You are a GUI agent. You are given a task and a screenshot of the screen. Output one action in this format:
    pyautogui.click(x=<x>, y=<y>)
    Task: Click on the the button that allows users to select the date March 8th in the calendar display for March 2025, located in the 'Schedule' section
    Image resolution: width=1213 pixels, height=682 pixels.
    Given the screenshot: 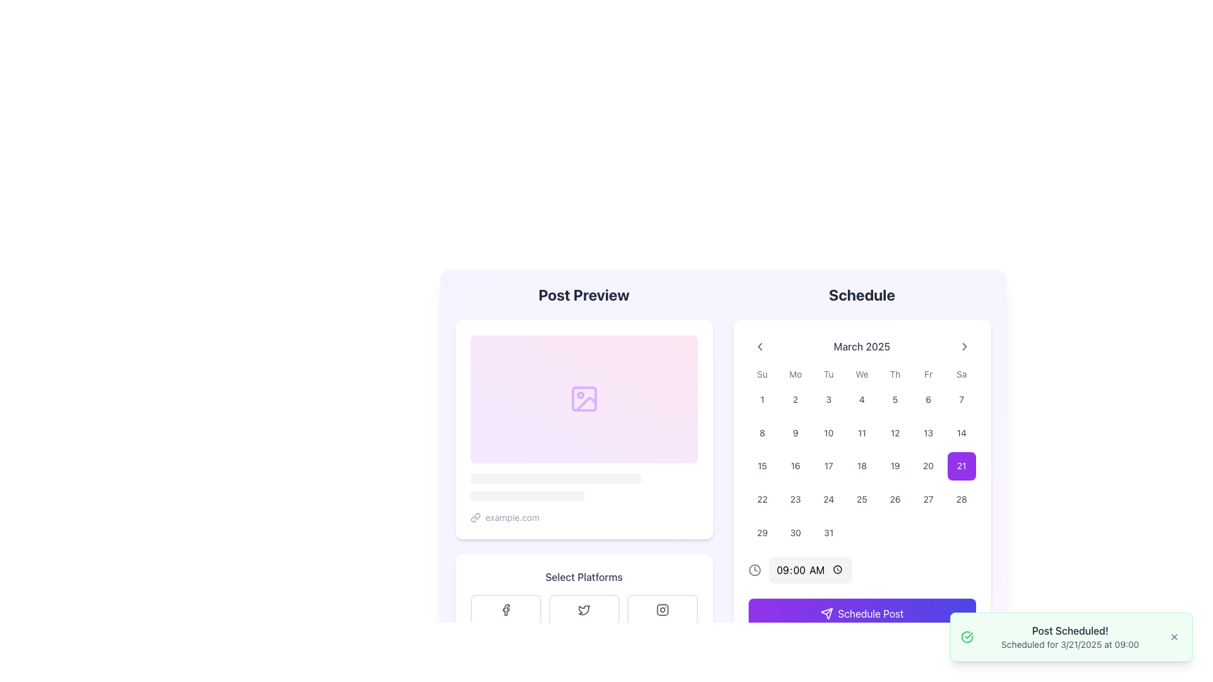 What is the action you would take?
    pyautogui.click(x=761, y=432)
    